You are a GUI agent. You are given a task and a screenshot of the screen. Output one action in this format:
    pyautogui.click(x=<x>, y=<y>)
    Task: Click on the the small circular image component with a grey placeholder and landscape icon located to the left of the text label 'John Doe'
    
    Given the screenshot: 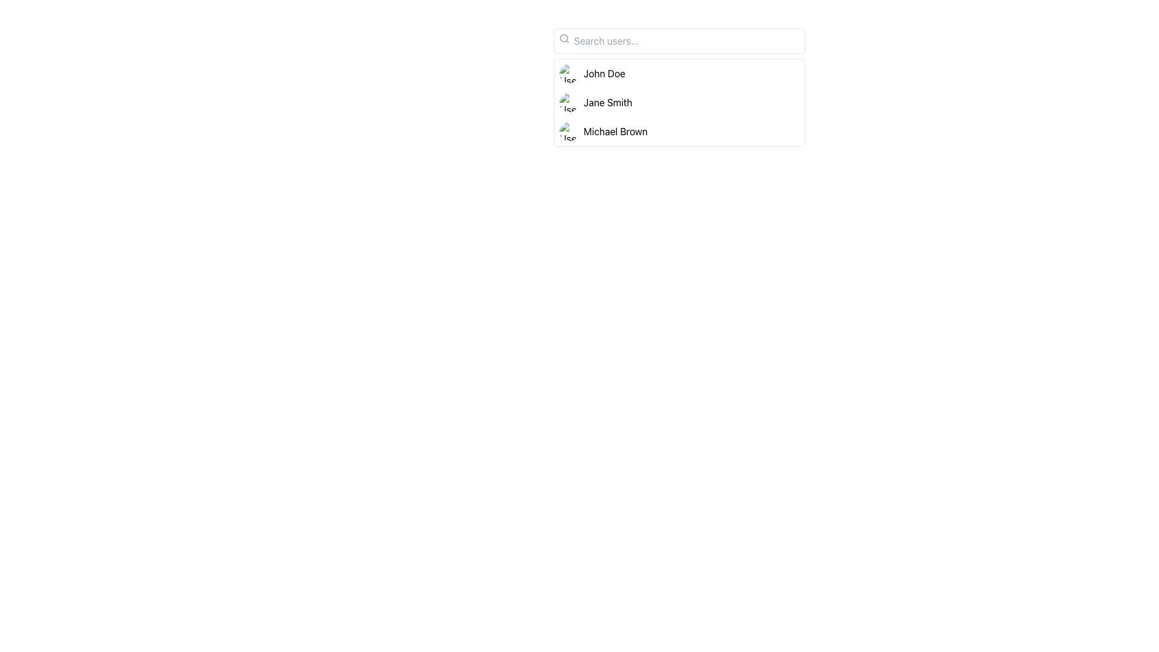 What is the action you would take?
    pyautogui.click(x=568, y=74)
    